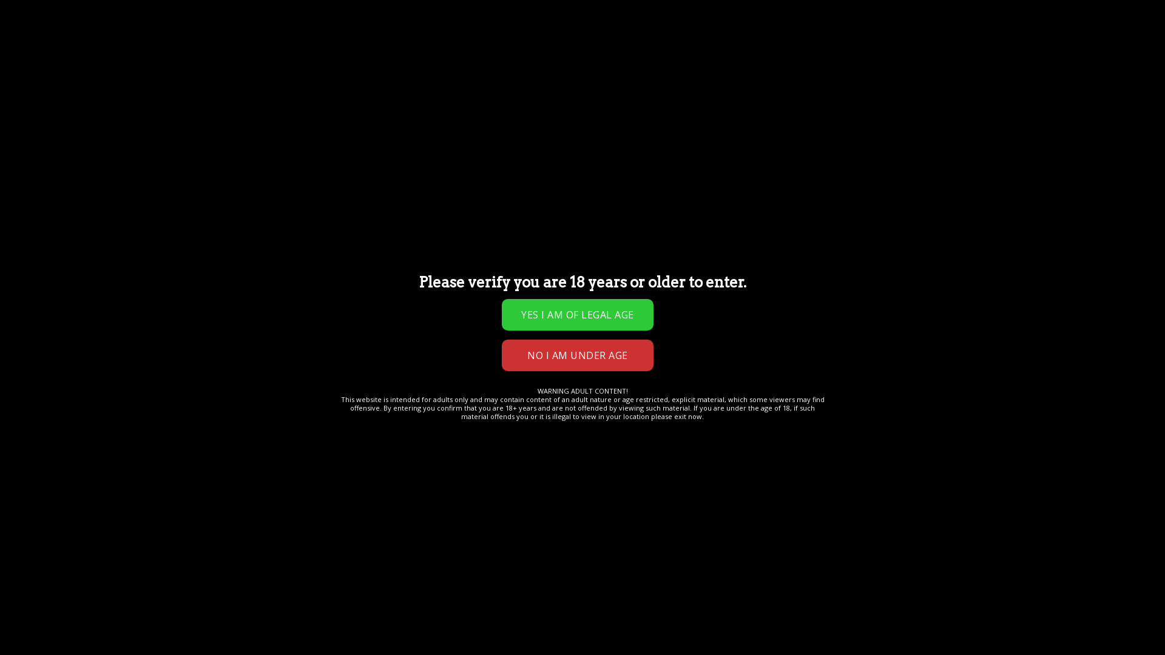 The height and width of the screenshot is (655, 1165). I want to click on 'PACKAGING', so click(623, 67).